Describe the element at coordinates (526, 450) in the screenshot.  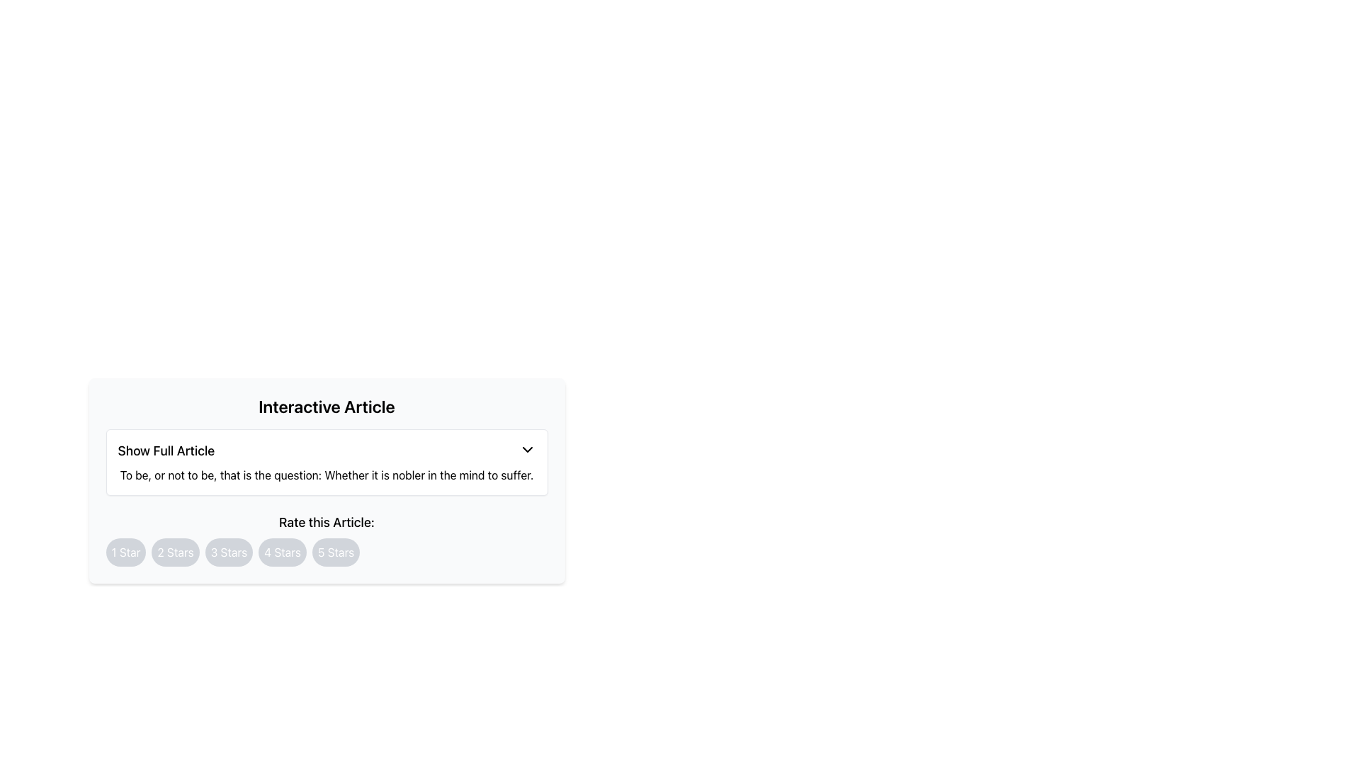
I see `the chevron icon located in the top-right corner of the 'Show Full Article' box` at that location.